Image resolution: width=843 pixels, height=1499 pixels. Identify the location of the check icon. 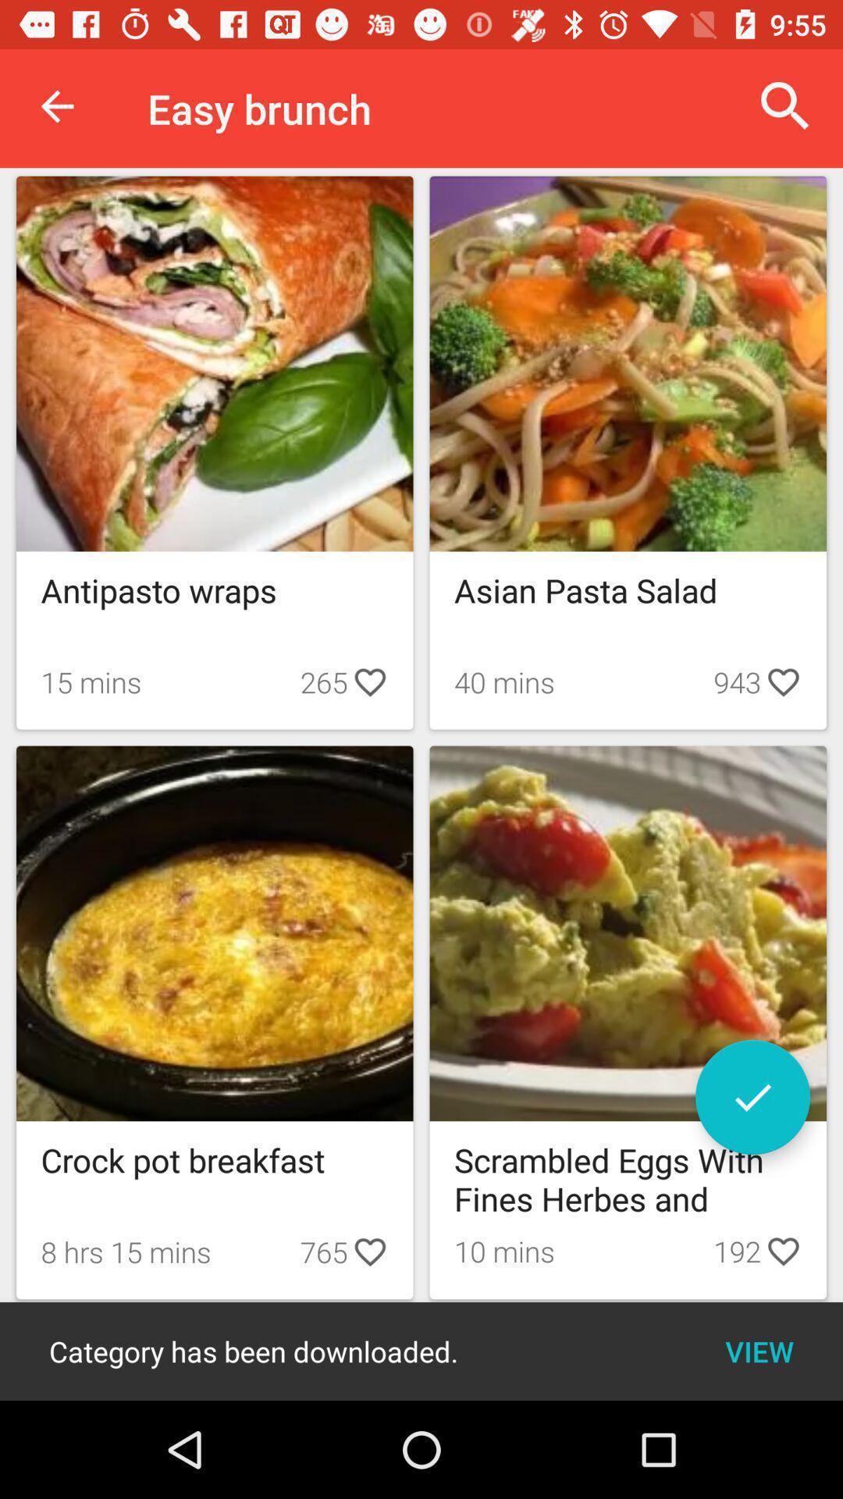
(752, 1096).